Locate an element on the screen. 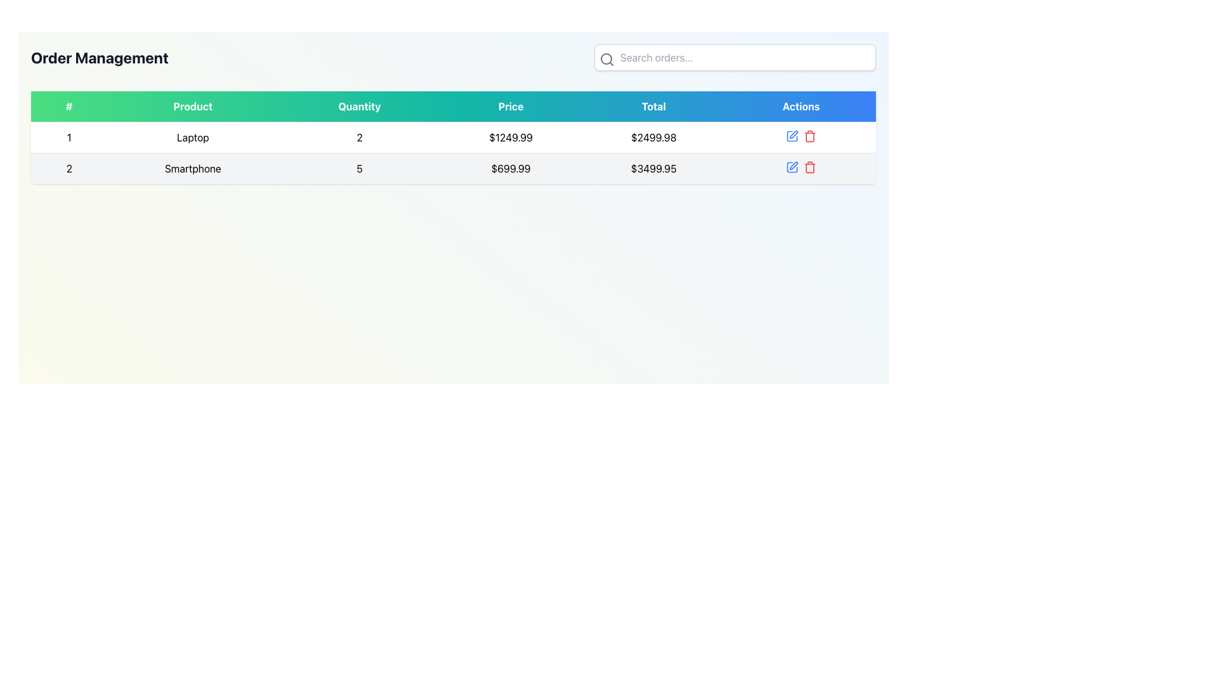 Image resolution: width=1218 pixels, height=685 pixels. the table cell containing the number '2' is located at coordinates (69, 167).